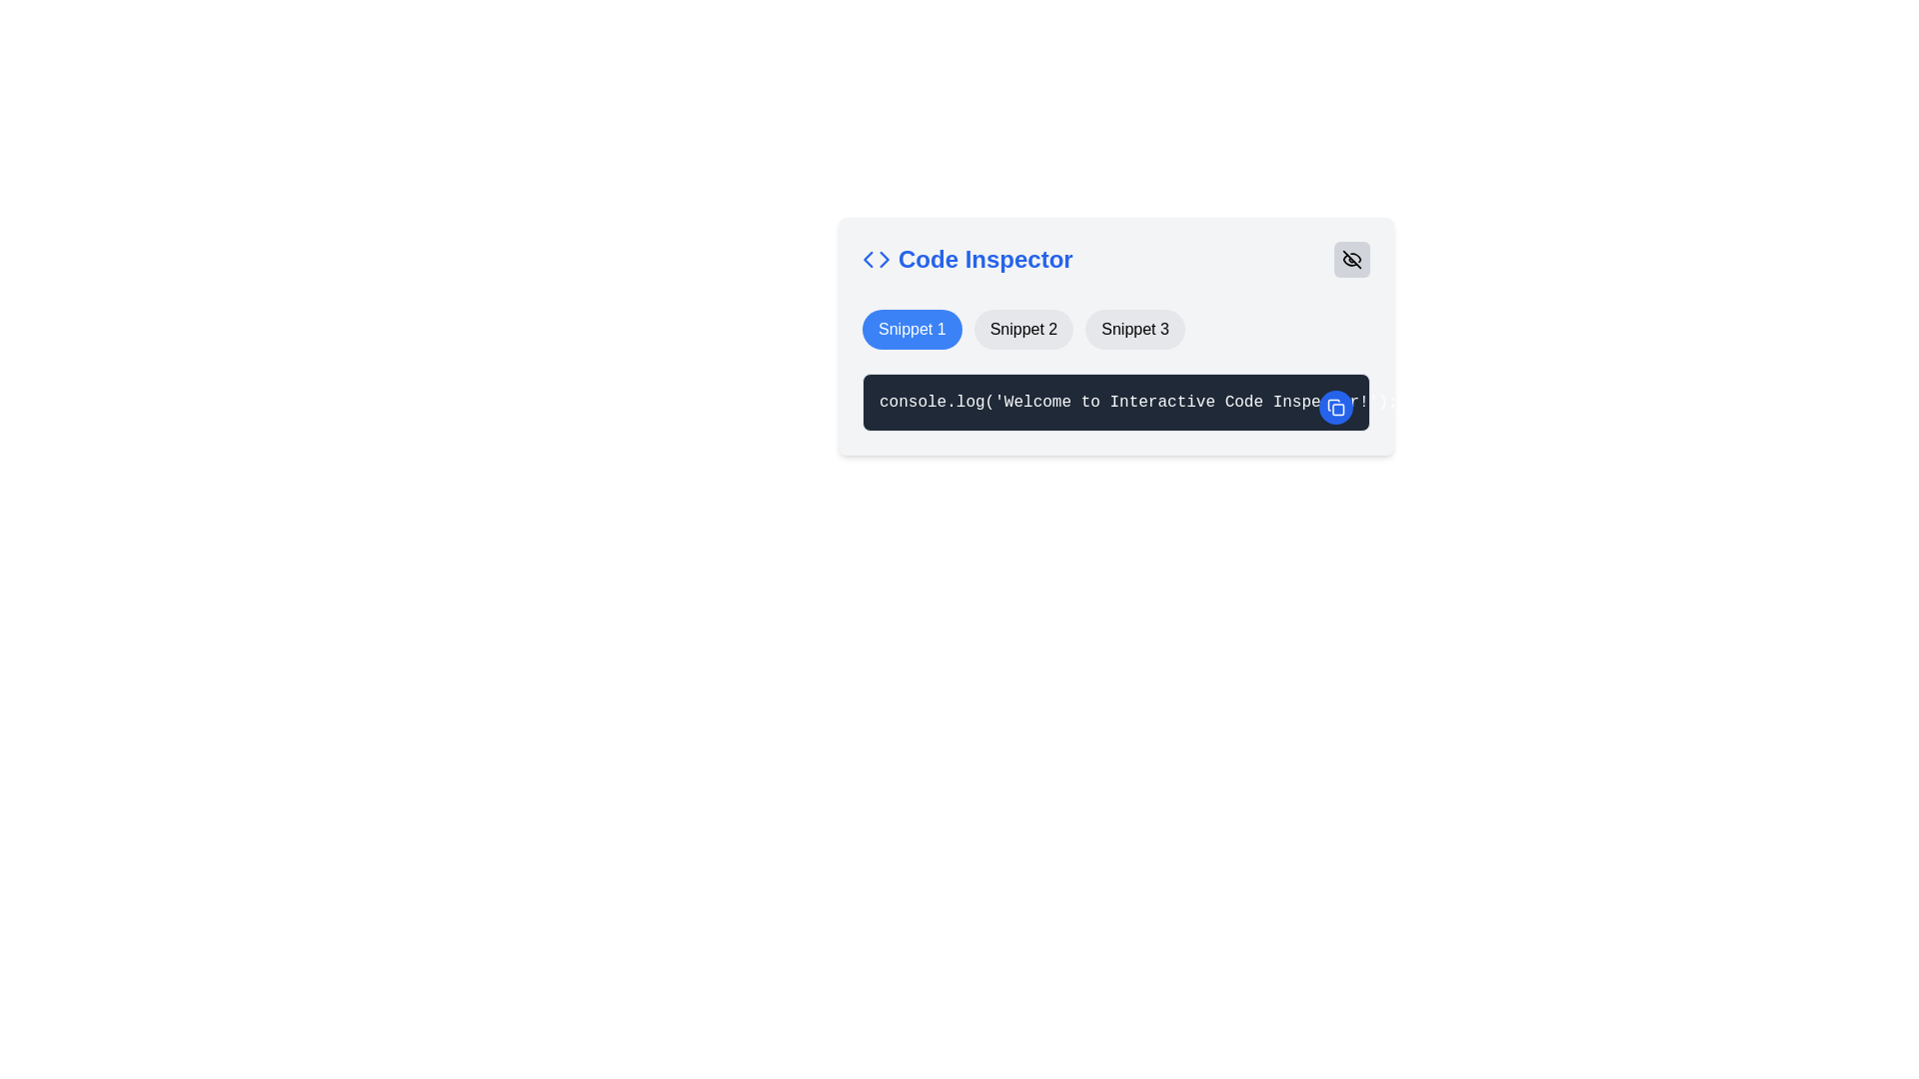 This screenshot has height=1079, width=1919. Describe the element at coordinates (1352, 258) in the screenshot. I see `the visibility toggle icon located in the top-right of the interface` at that location.